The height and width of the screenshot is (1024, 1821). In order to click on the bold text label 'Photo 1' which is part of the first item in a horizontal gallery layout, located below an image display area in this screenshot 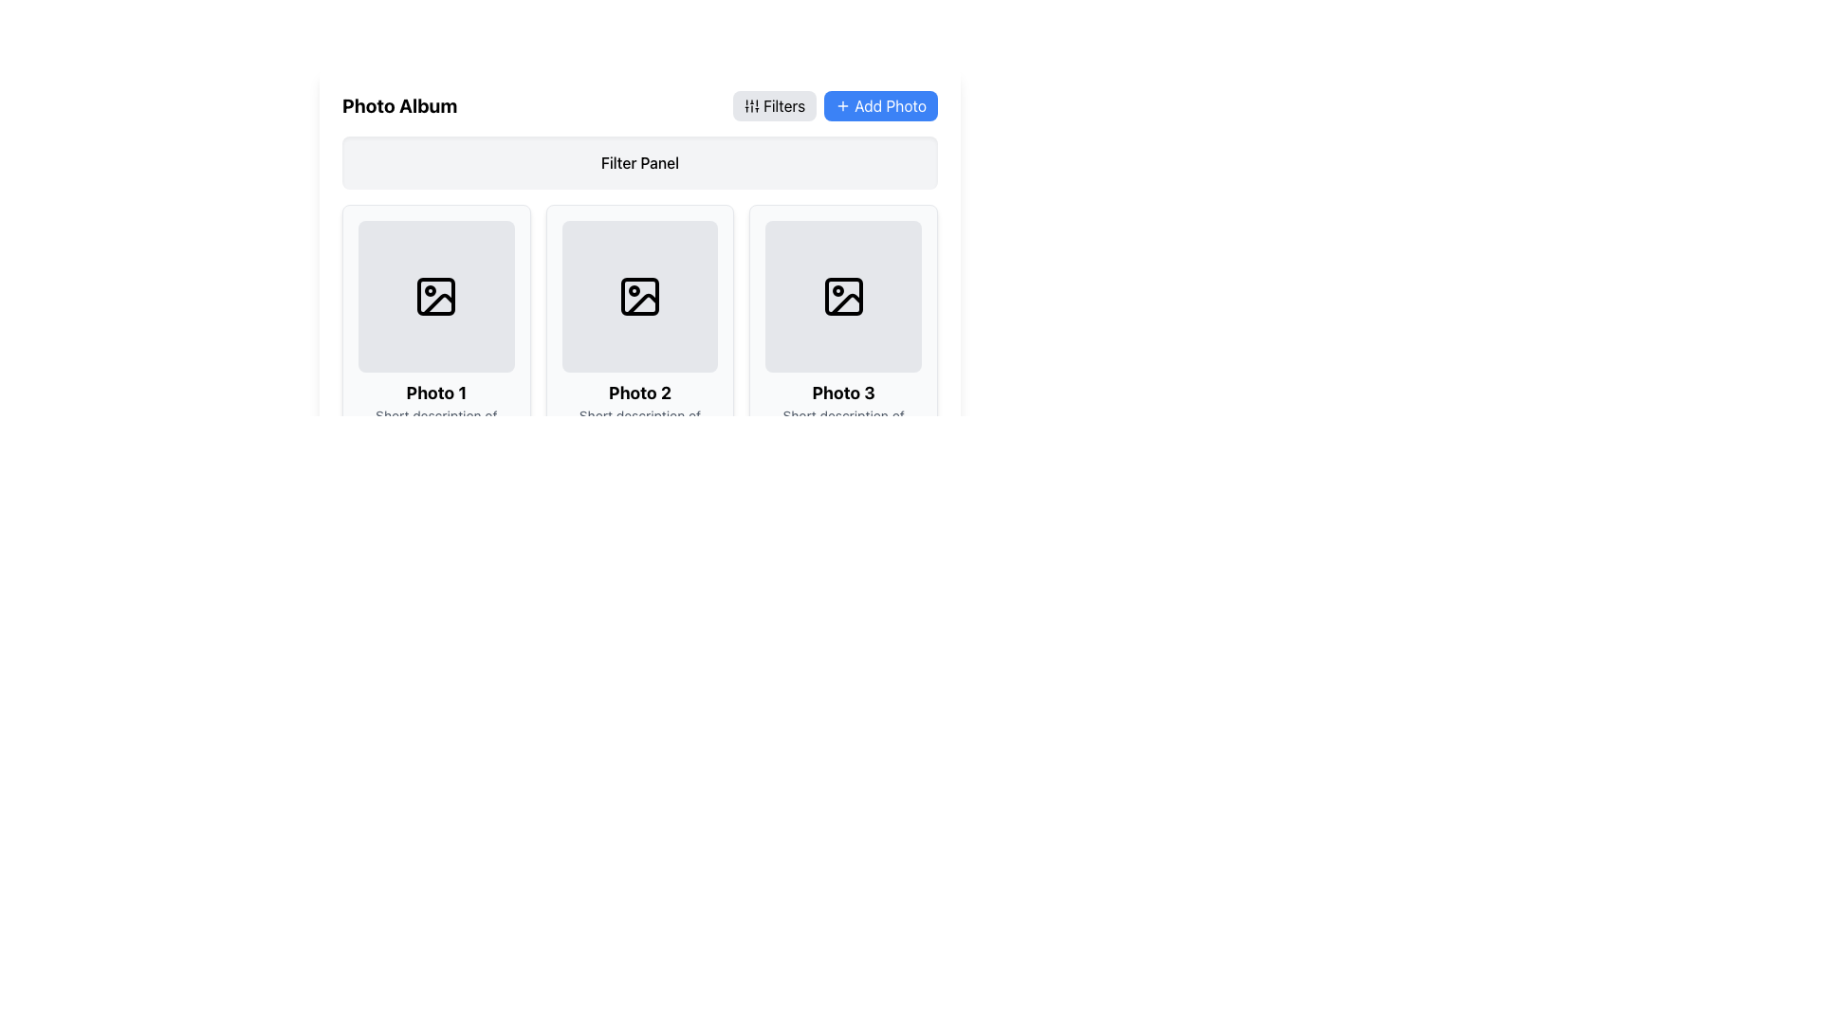, I will do `click(435, 393)`.